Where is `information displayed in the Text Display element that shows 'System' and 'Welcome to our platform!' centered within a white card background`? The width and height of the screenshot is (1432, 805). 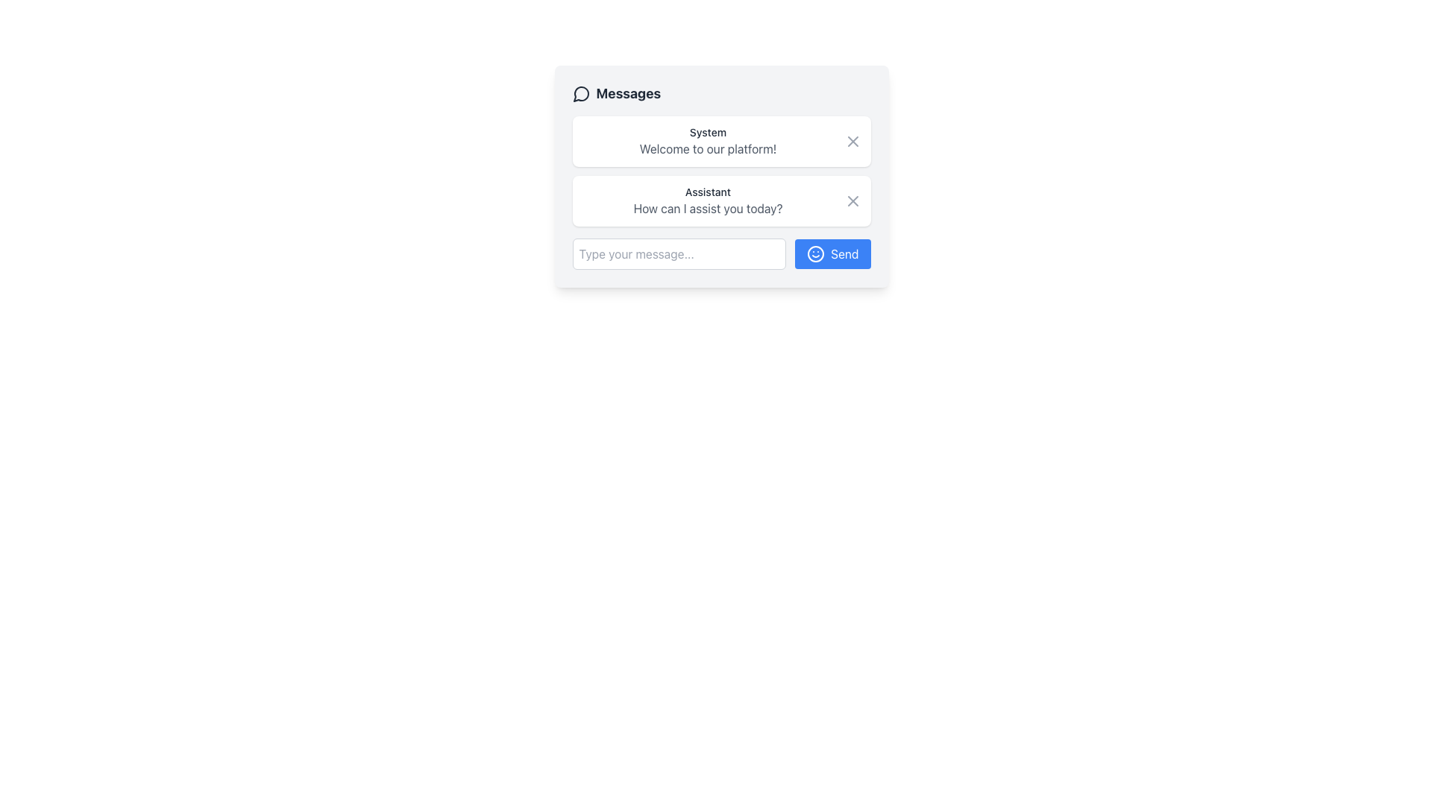 information displayed in the Text Display element that shows 'System' and 'Welcome to our platform!' centered within a white card background is located at coordinates (707, 141).